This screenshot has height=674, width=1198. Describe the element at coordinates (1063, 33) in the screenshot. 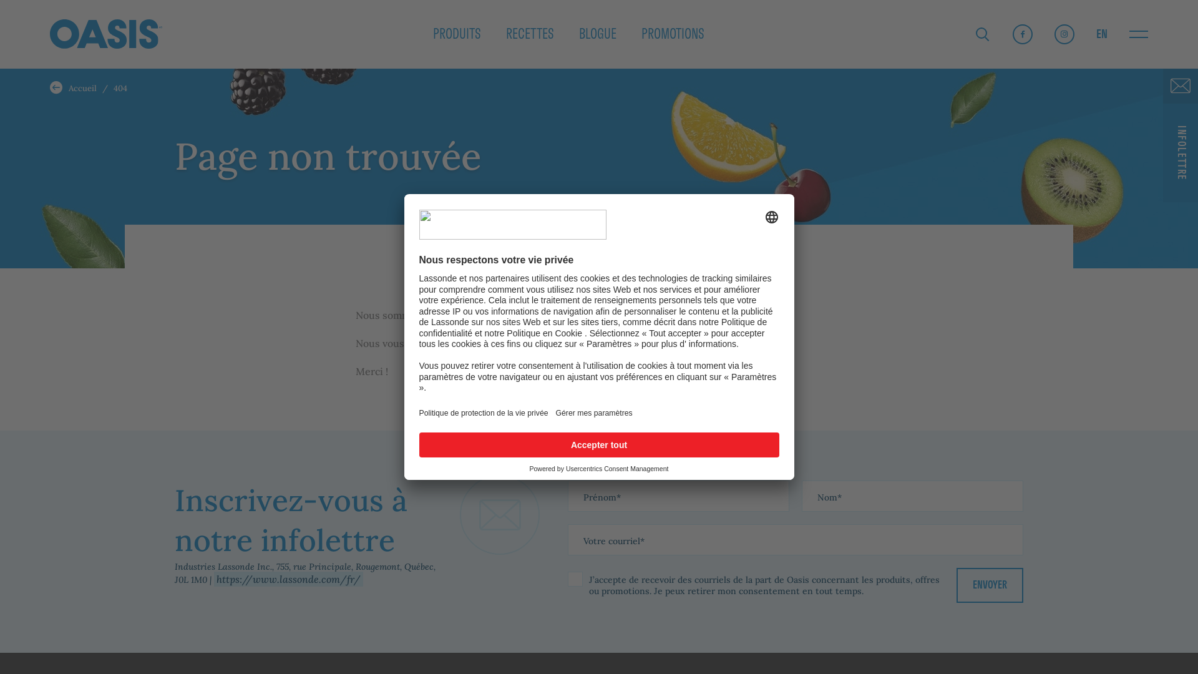

I see `'Instagram'` at that location.